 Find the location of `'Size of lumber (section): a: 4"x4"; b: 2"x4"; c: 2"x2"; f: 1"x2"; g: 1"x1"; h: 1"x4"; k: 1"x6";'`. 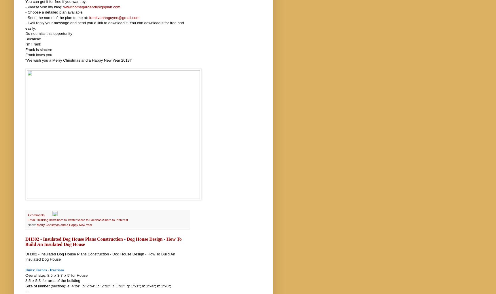

'Size of lumber (section): a: 4"x4"; b: 2"x4"; c: 2"x2"; f: 1"x2"; g: 1"x1"; h: 1"x4"; k: 1"x6";' is located at coordinates (98, 286).